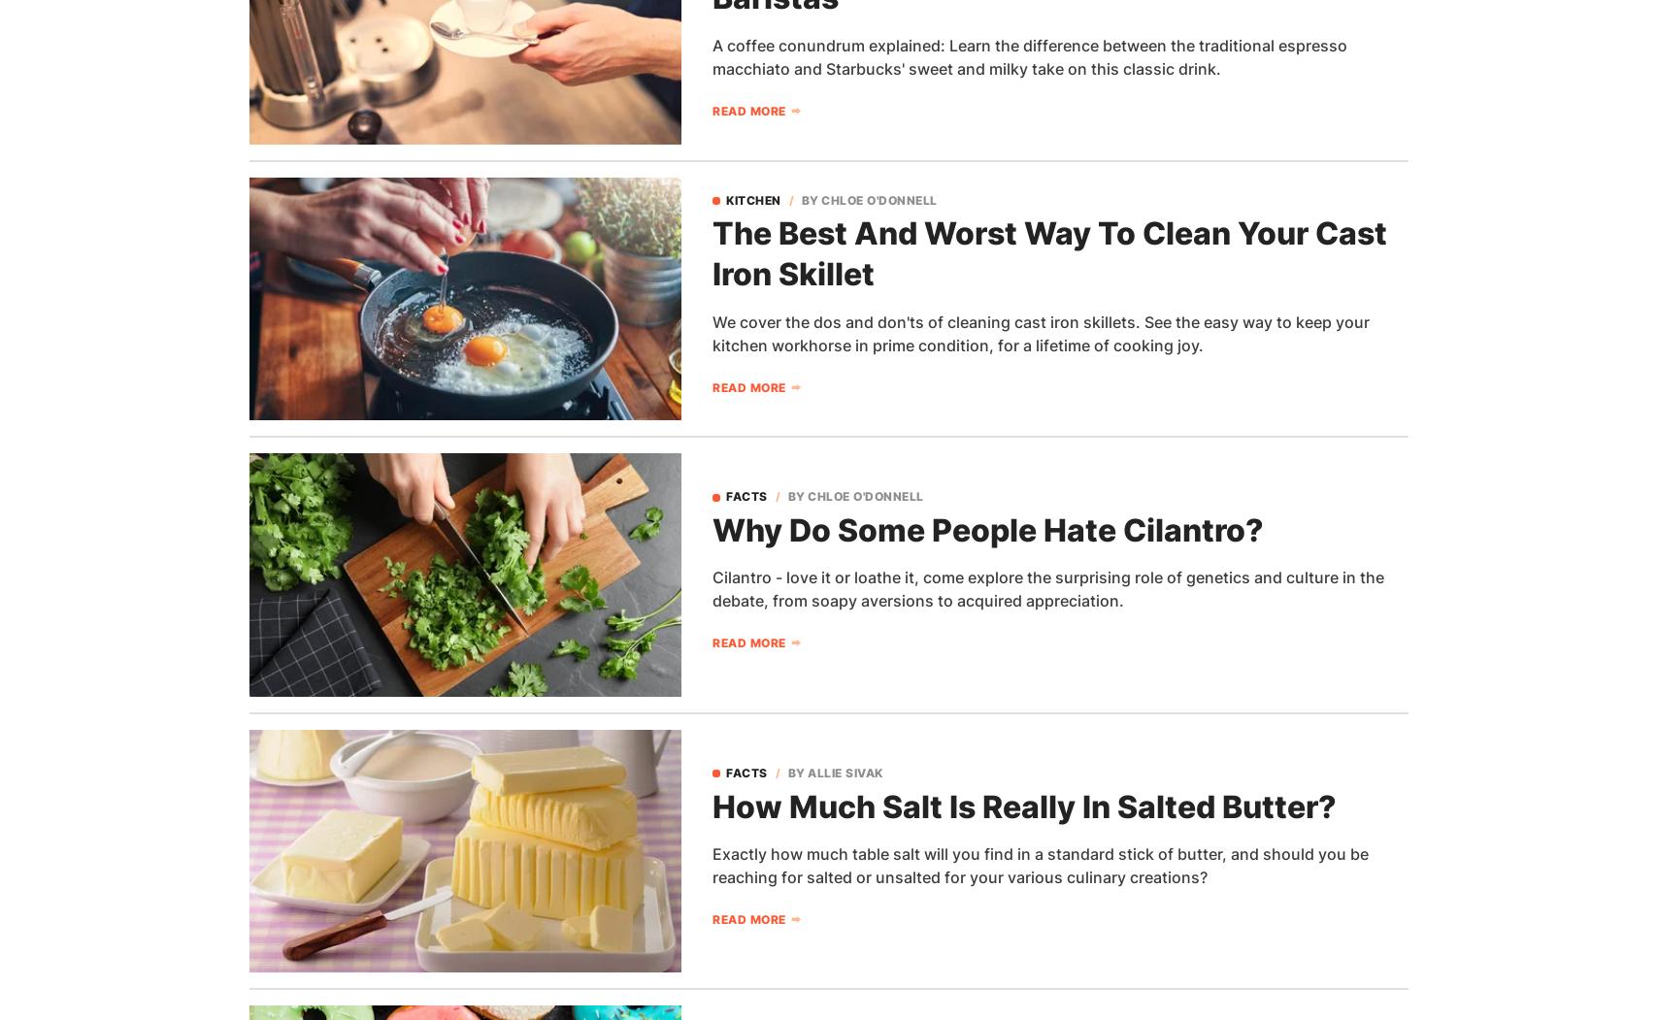  What do you see at coordinates (753, 199) in the screenshot?
I see `'Kitchen'` at bounding box center [753, 199].